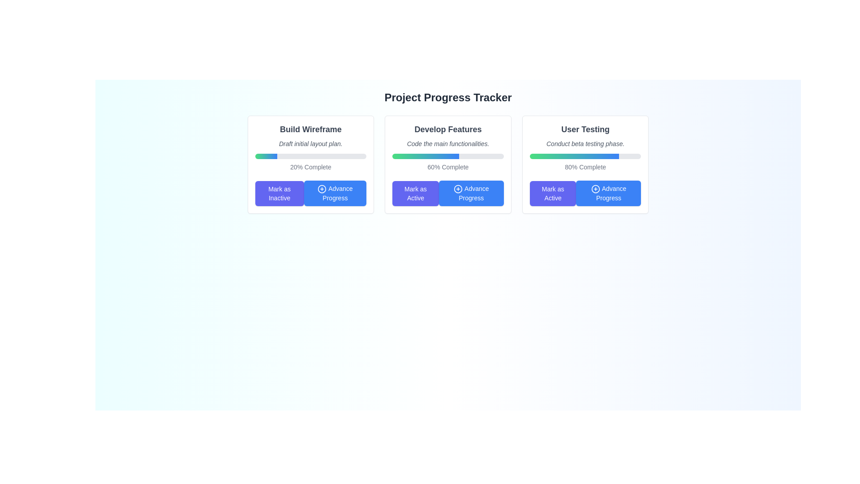  Describe the element at coordinates (395, 156) in the screenshot. I see `the progress indicator` at that location.